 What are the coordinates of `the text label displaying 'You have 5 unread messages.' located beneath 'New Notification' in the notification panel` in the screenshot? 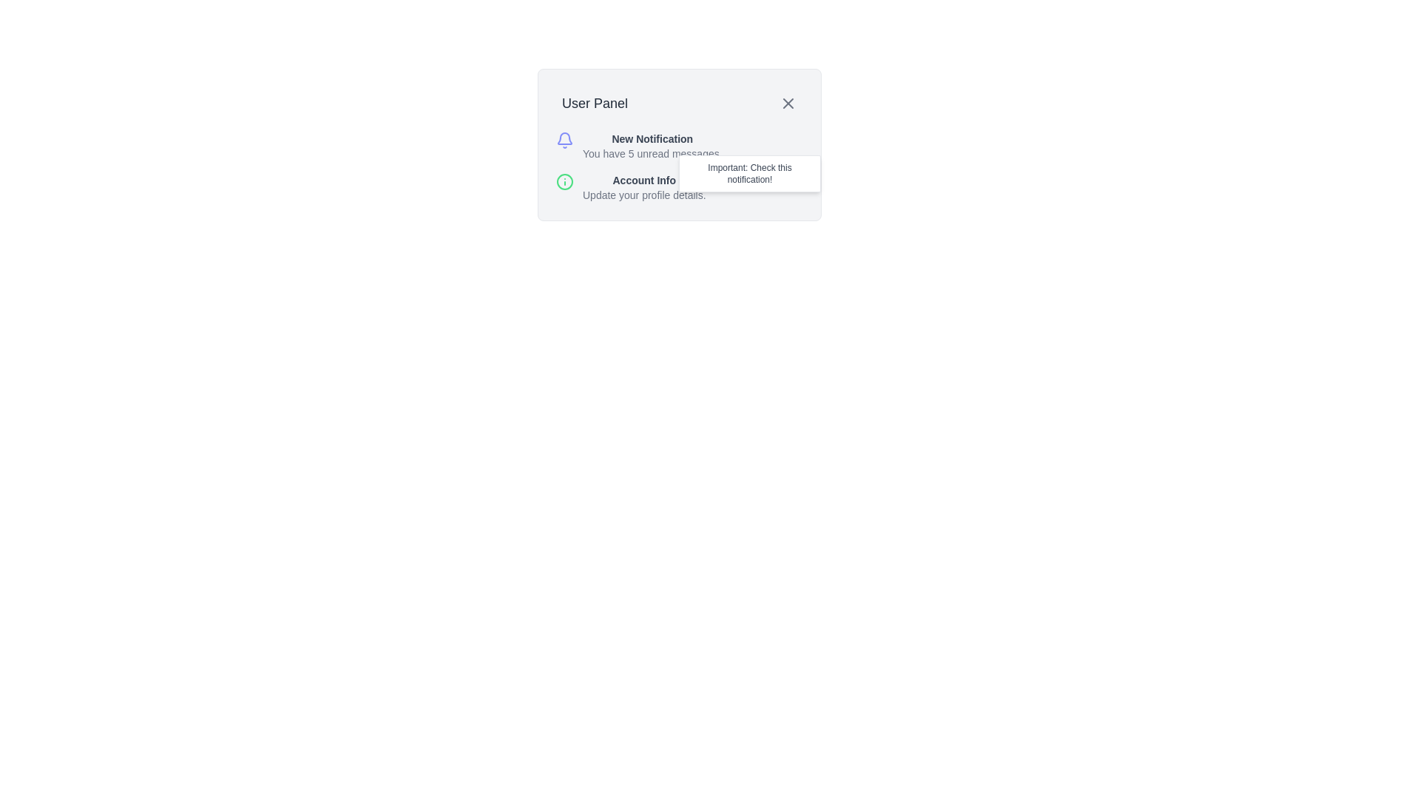 It's located at (652, 154).